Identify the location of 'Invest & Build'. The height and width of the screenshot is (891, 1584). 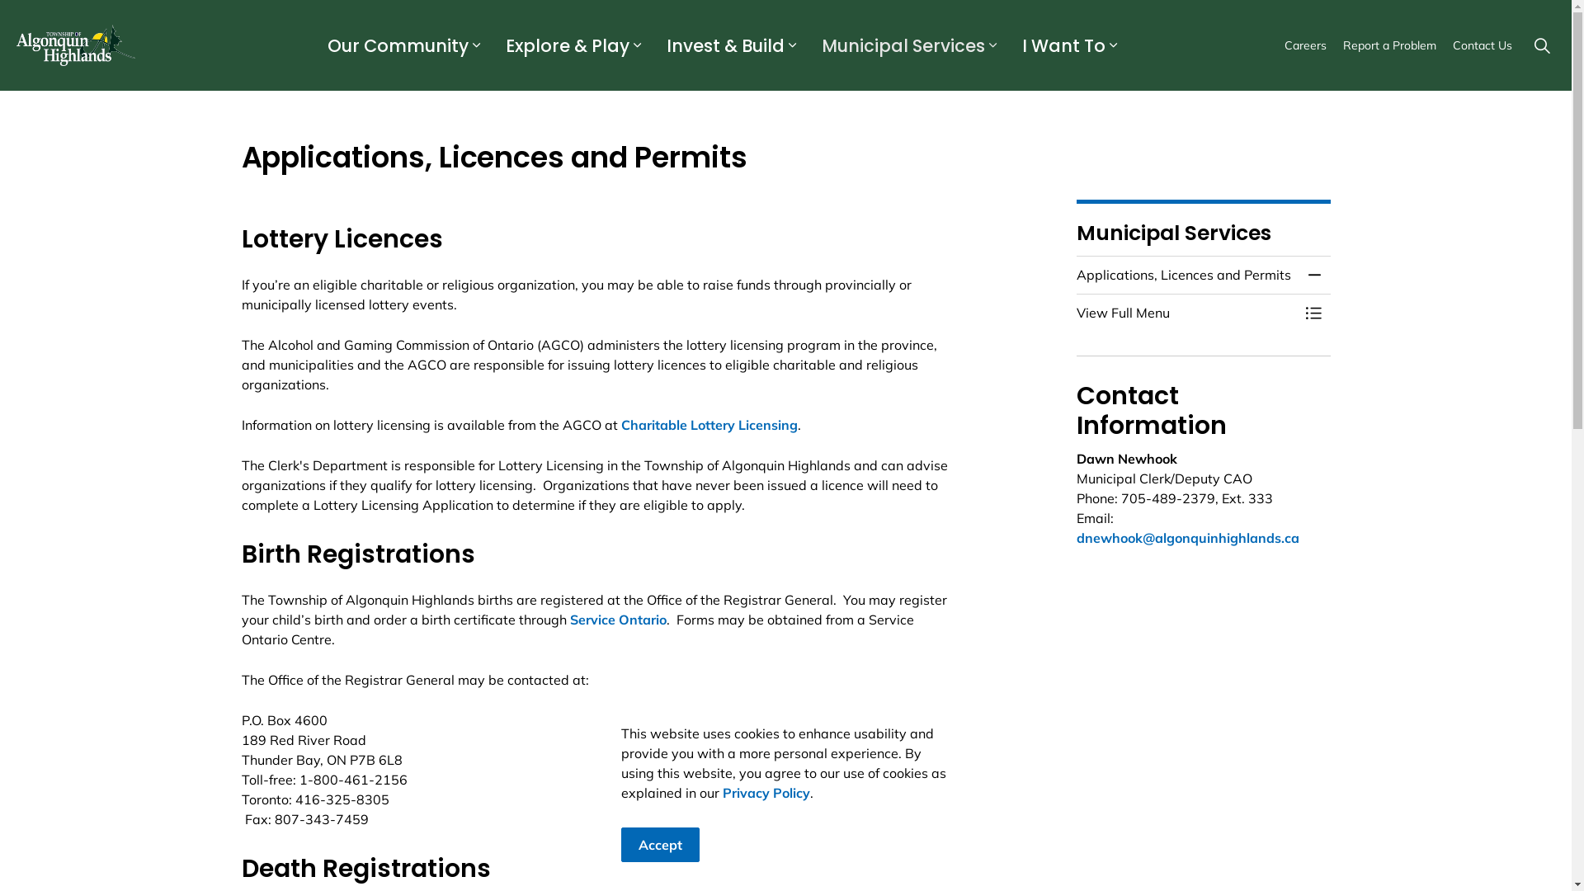
(724, 44).